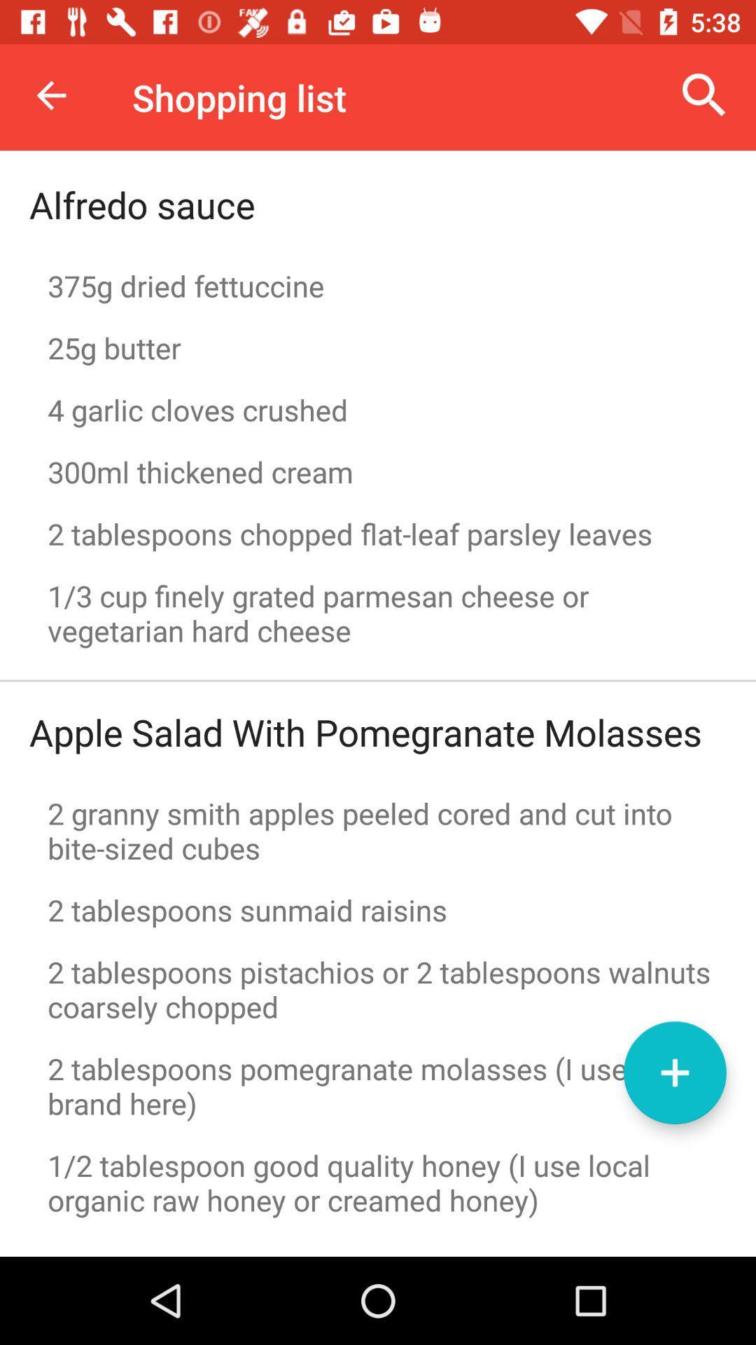 This screenshot has width=756, height=1345. I want to click on more option, so click(674, 1072).